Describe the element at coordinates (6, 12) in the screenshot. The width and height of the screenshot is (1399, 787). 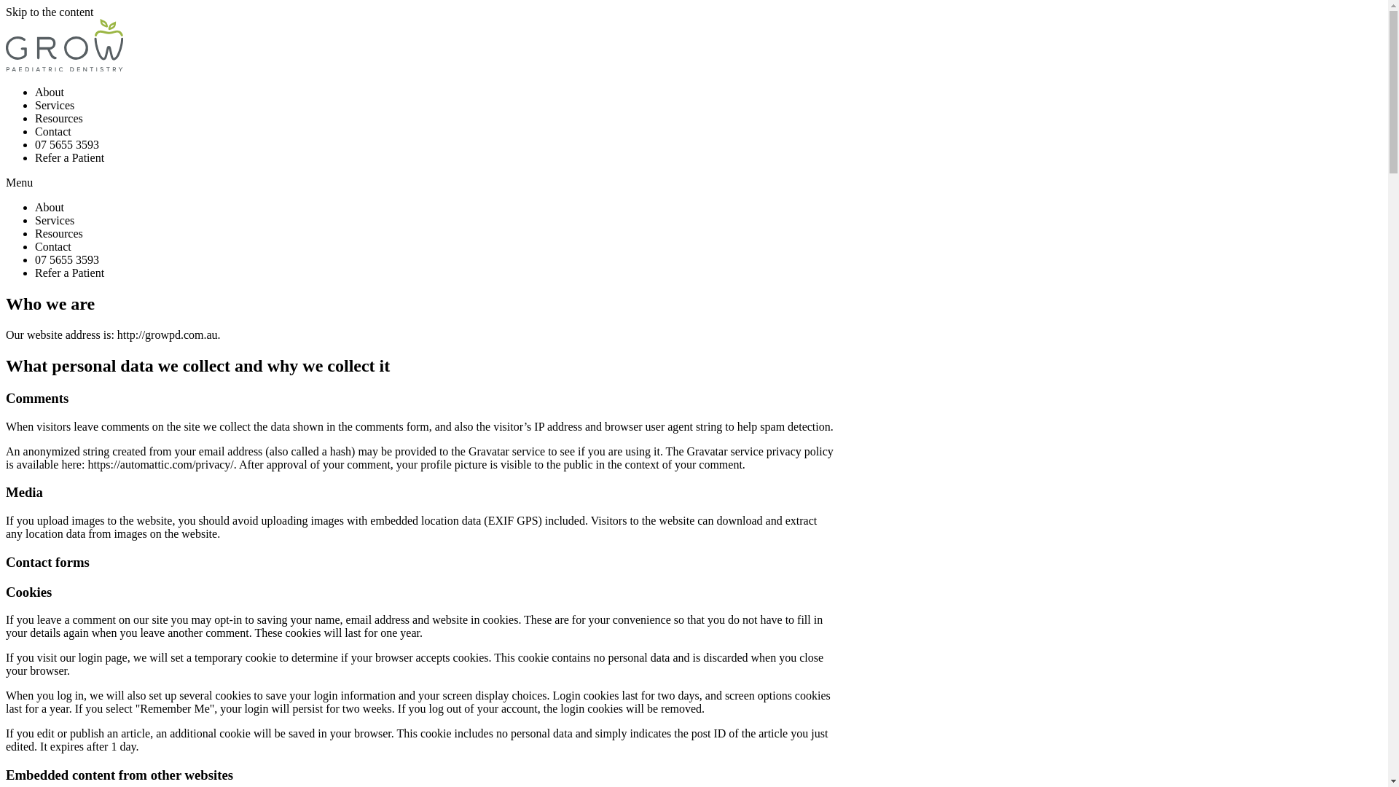
I see `'Skip to the content'` at that location.